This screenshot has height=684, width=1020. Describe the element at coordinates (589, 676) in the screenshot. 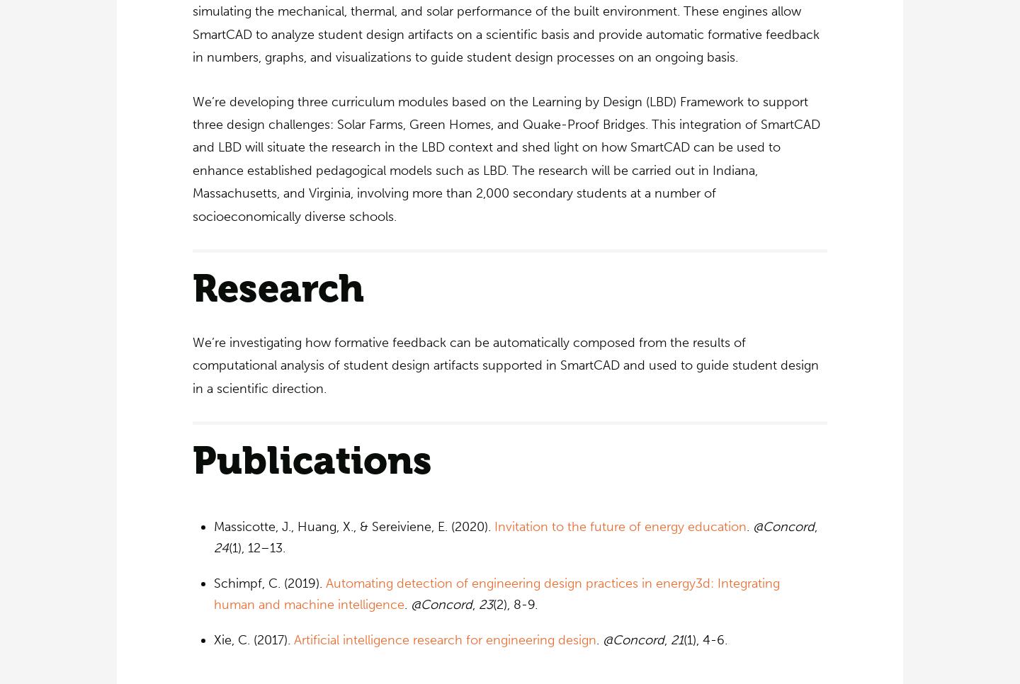

I see `'20'` at that location.